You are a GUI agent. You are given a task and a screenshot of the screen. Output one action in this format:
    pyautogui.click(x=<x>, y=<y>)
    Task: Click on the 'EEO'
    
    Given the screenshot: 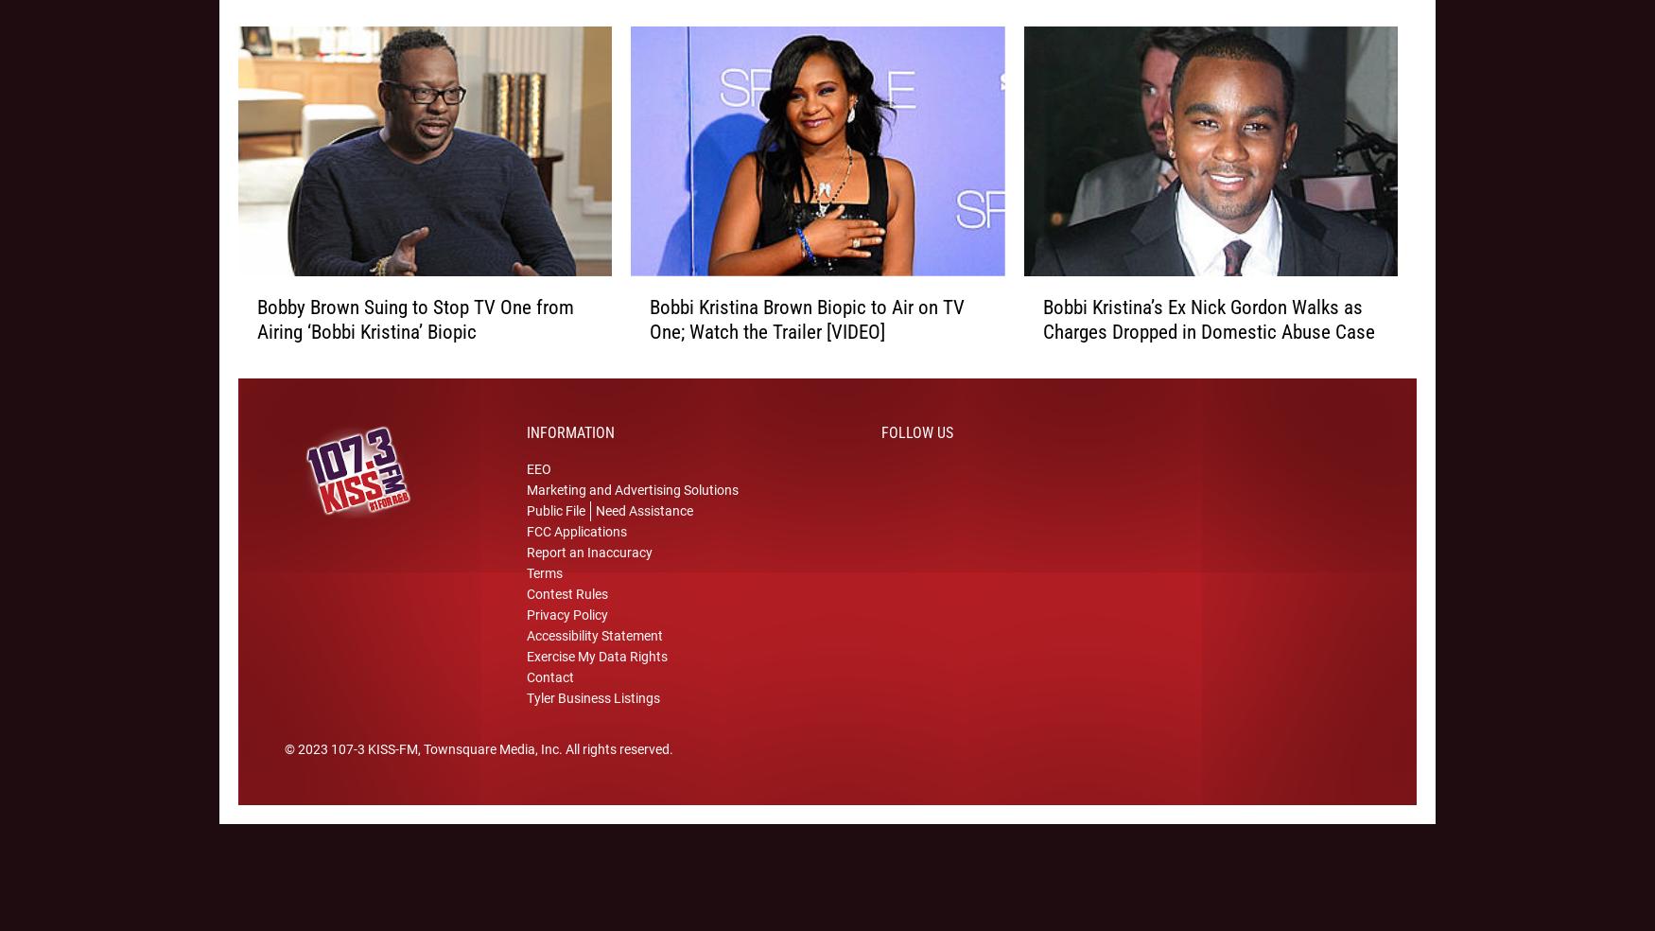 What is the action you would take?
    pyautogui.click(x=526, y=493)
    